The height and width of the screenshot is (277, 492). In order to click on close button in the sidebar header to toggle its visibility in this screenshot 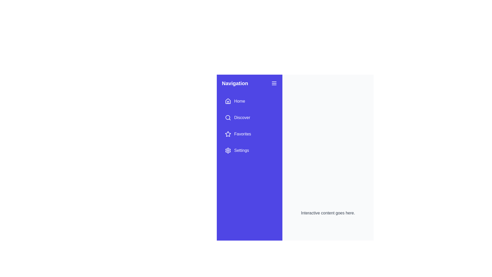, I will do `click(274, 83)`.